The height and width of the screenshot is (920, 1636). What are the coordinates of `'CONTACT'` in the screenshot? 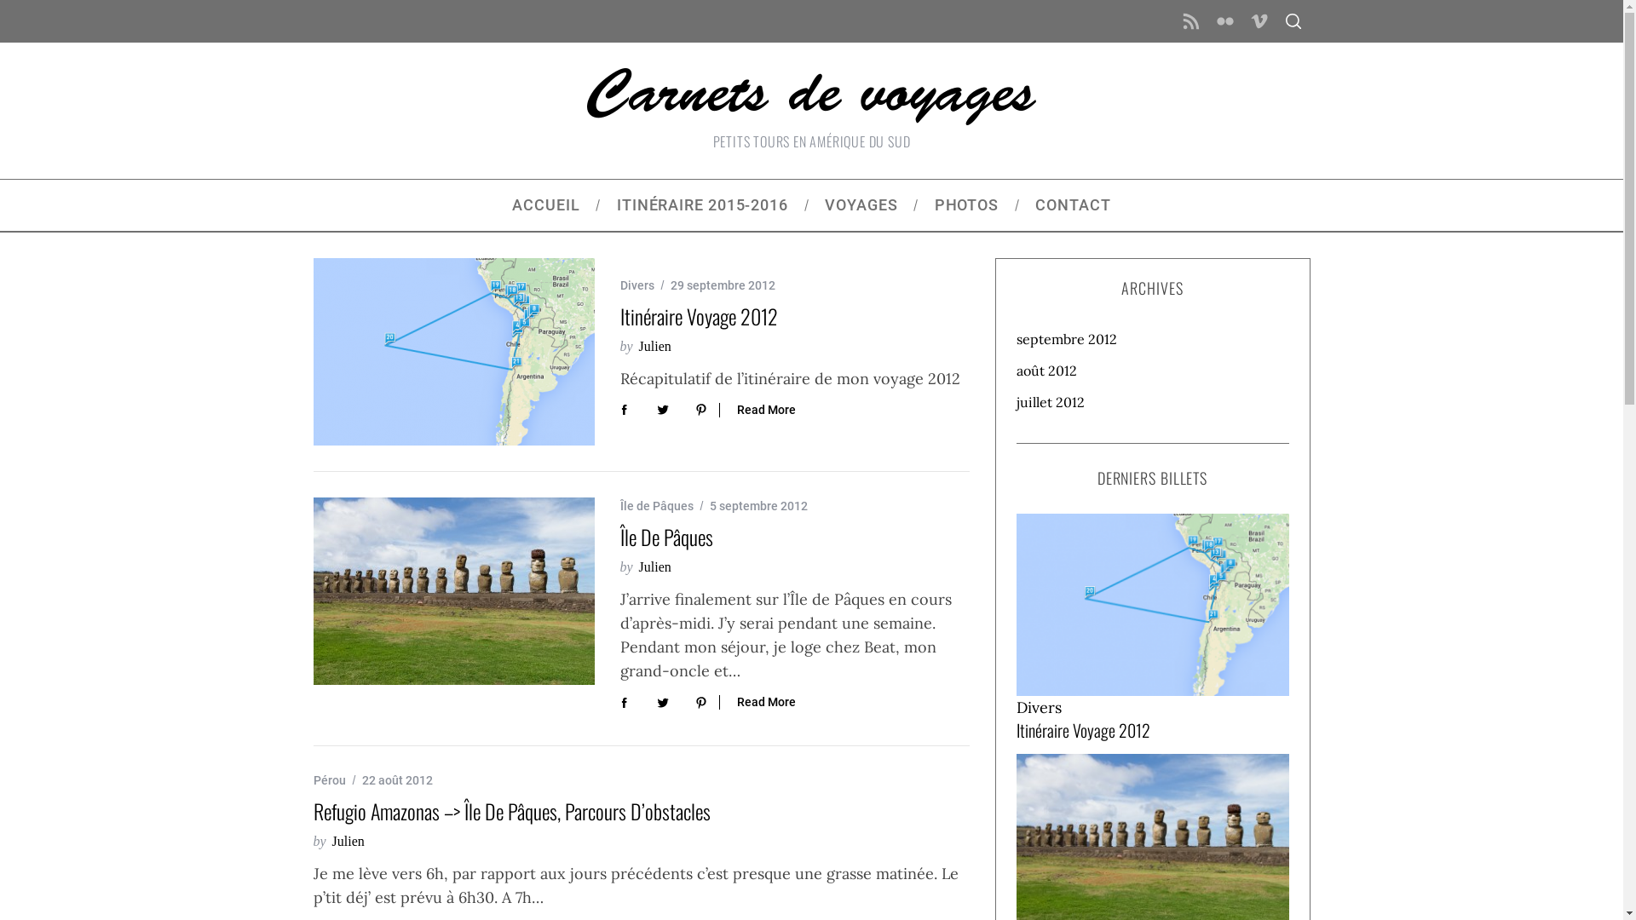 It's located at (1072, 204).